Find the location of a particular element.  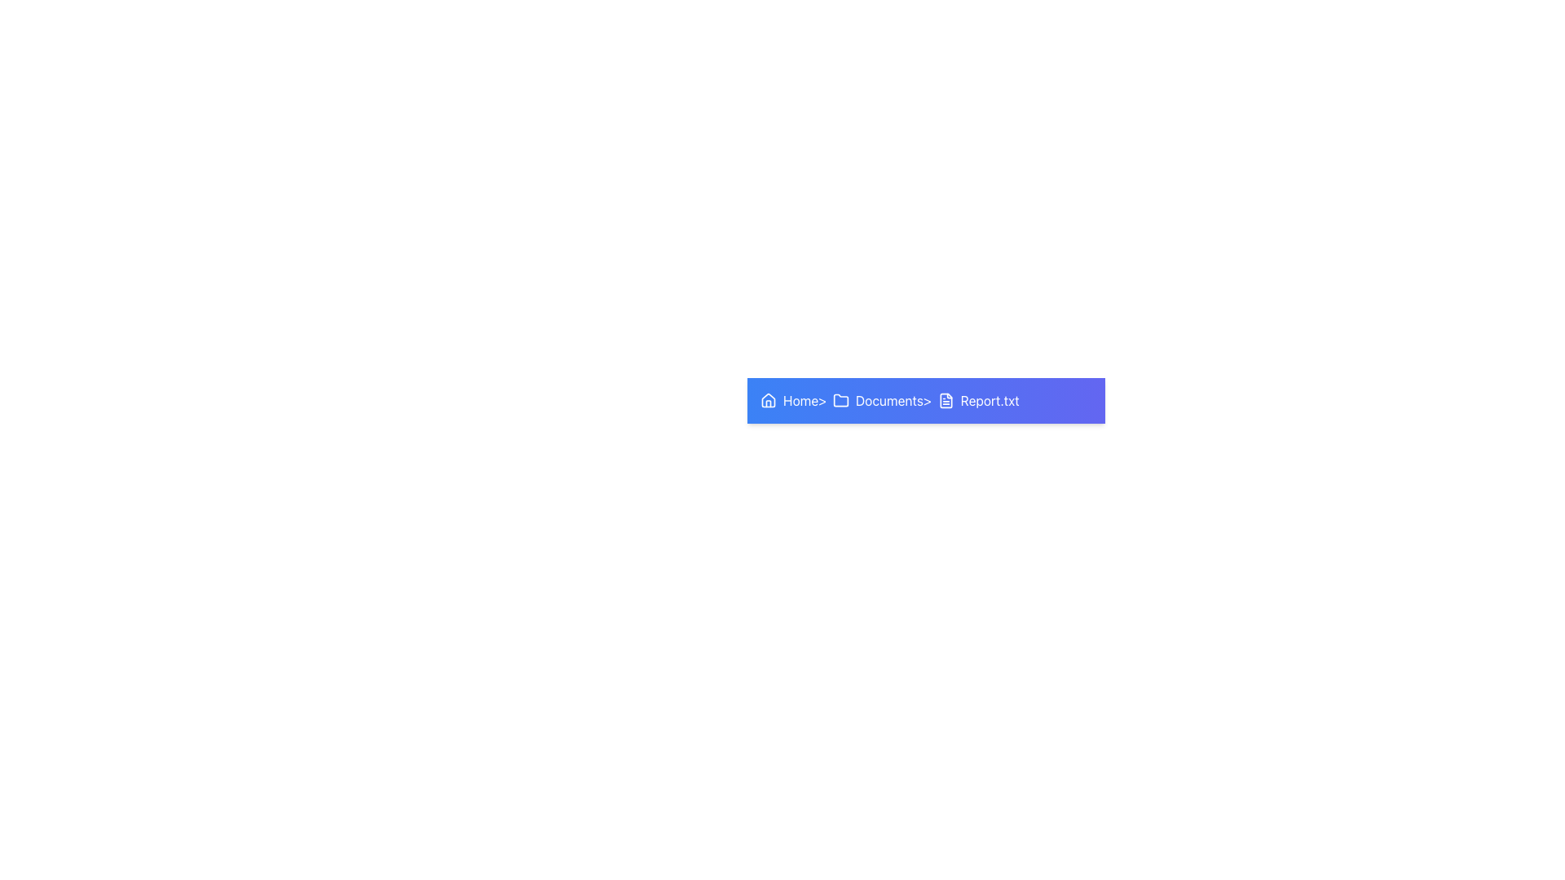

the house icon is located at coordinates (767, 399).